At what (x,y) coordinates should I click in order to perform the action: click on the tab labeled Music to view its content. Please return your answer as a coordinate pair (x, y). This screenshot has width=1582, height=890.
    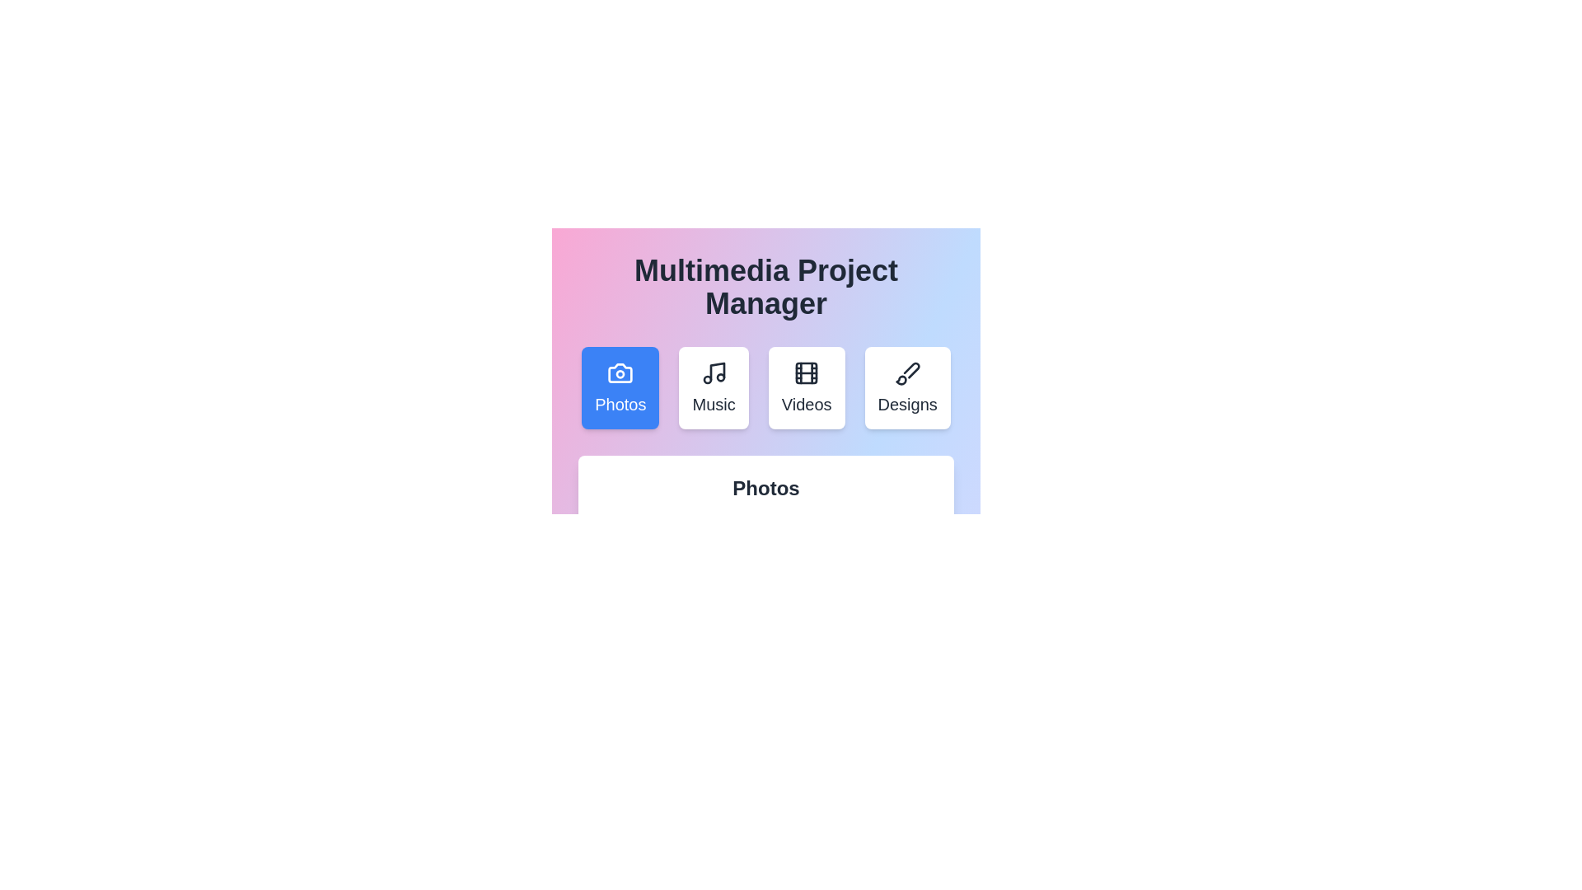
    Looking at the image, I should click on (714, 387).